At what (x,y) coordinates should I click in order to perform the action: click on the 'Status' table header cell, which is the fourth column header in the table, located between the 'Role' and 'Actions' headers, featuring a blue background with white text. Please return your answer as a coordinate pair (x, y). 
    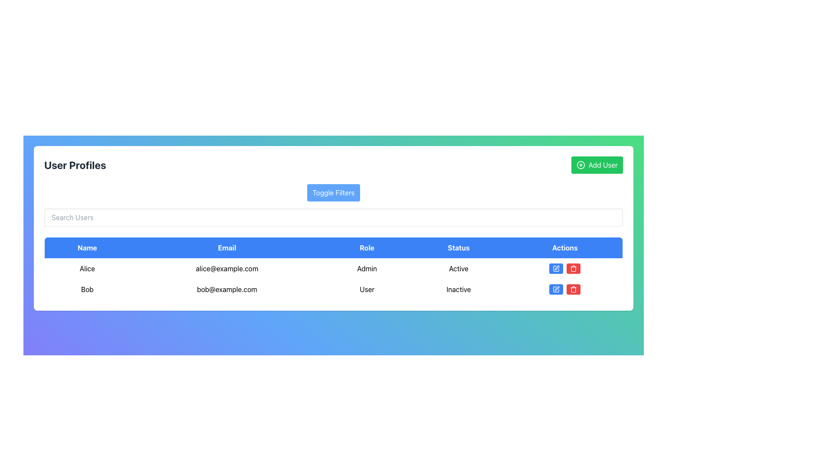
    Looking at the image, I should click on (458, 247).